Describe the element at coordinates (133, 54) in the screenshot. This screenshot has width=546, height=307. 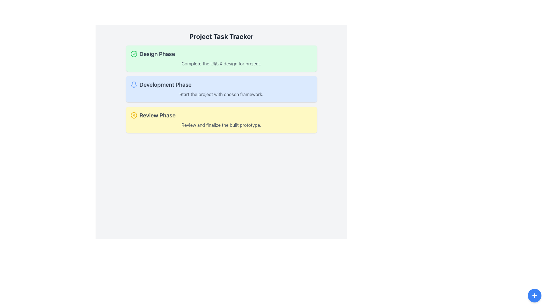
I see `the status of the completion indicator icon for the 'Design Phase' task, which is located to the left of the 'Design Phase' text in the 'Project Task Tracker' layout` at that location.